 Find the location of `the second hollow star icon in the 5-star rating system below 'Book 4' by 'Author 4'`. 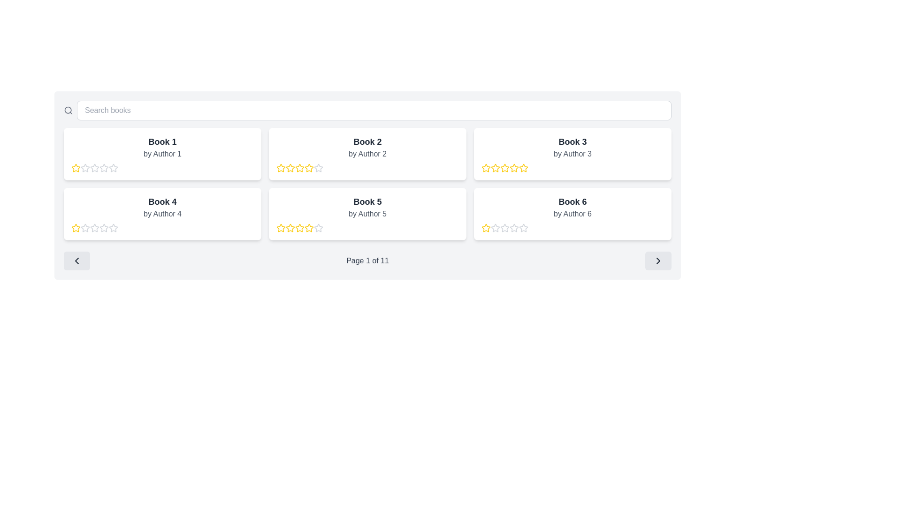

the second hollow star icon in the 5-star rating system below 'Book 4' by 'Author 4' is located at coordinates (94, 228).